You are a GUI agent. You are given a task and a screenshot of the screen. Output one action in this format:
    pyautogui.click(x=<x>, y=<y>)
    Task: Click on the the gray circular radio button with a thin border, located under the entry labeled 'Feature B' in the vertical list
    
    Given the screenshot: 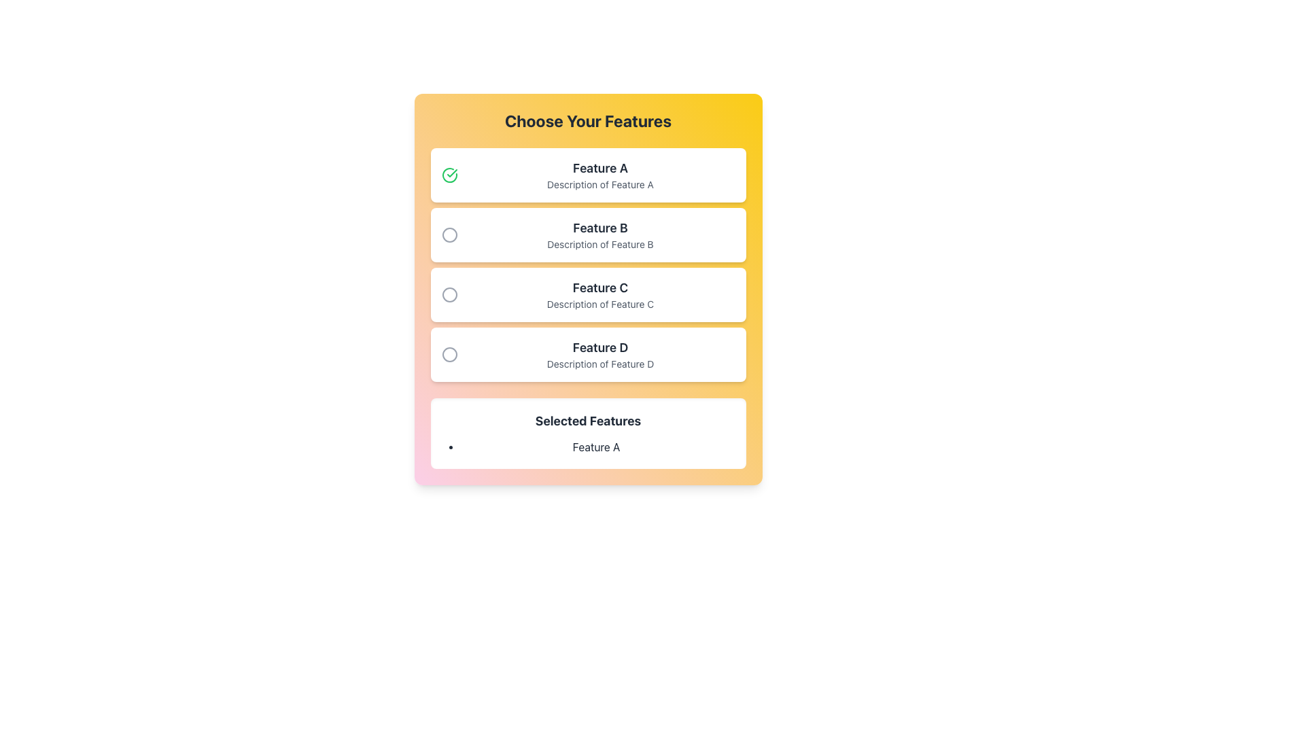 What is the action you would take?
    pyautogui.click(x=449, y=234)
    